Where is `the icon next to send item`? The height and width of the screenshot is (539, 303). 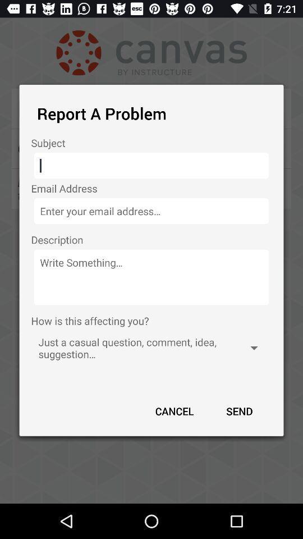
the icon next to send item is located at coordinates (175, 410).